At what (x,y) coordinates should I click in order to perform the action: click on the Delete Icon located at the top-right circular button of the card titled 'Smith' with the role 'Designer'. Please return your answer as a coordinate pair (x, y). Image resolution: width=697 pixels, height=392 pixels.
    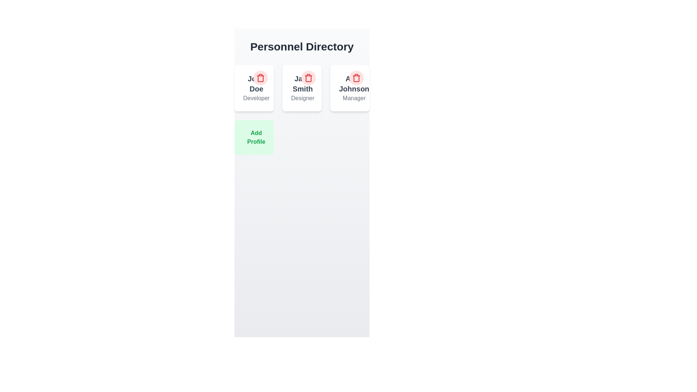
    Looking at the image, I should click on (308, 78).